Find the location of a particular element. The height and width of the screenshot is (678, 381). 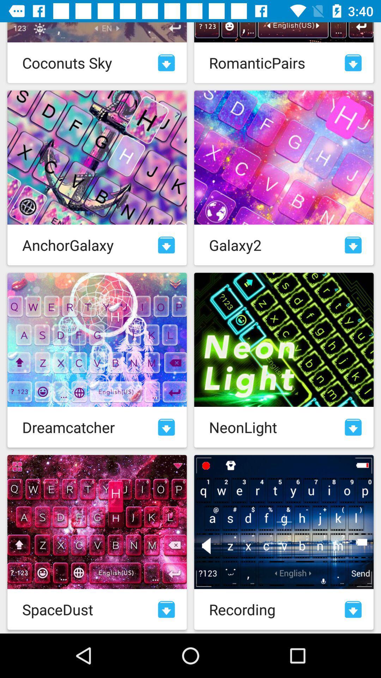

download spacedust is located at coordinates (166, 609).